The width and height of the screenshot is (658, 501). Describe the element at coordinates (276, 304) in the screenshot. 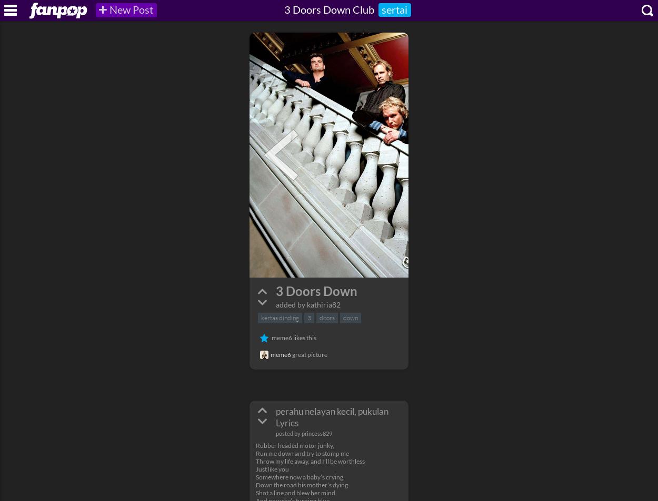

I see `'added by'` at that location.